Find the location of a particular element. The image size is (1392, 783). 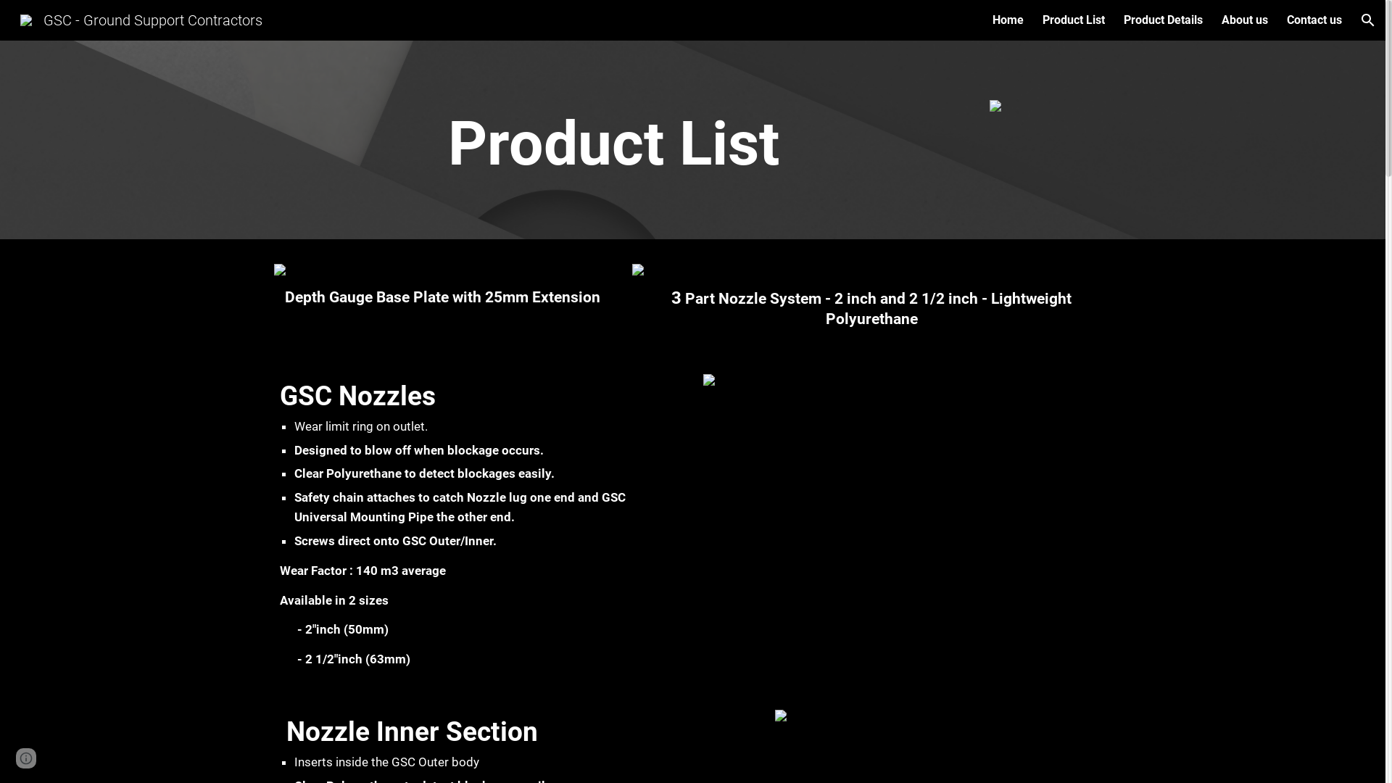

'Product List' is located at coordinates (1074, 20).